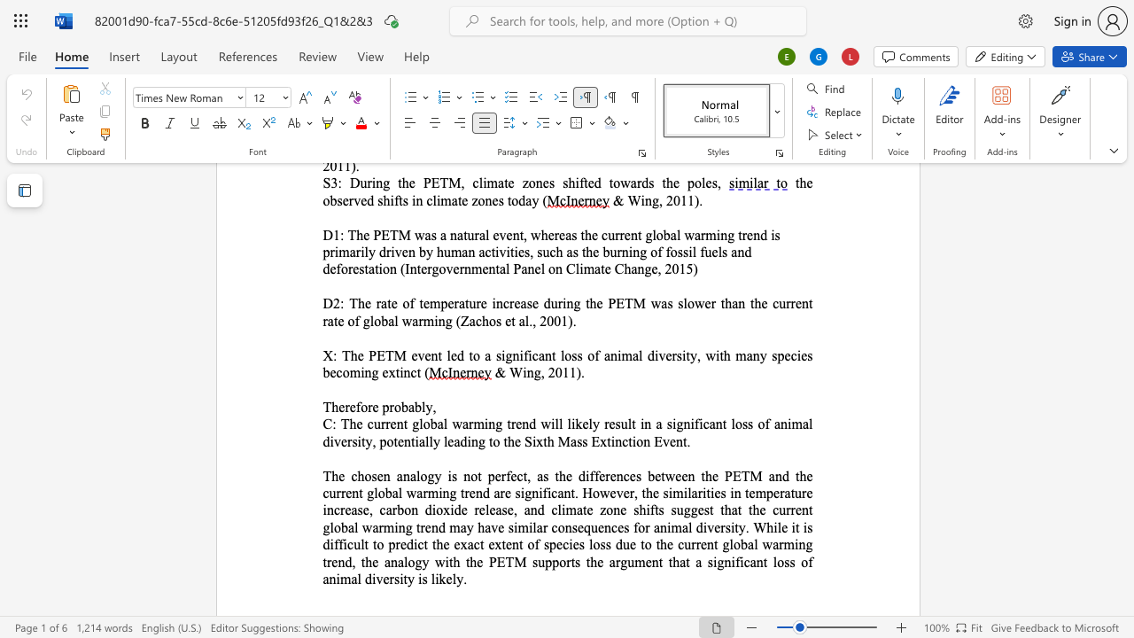 This screenshot has height=638, width=1134. I want to click on the 2th character "n" in the text, so click(686, 424).